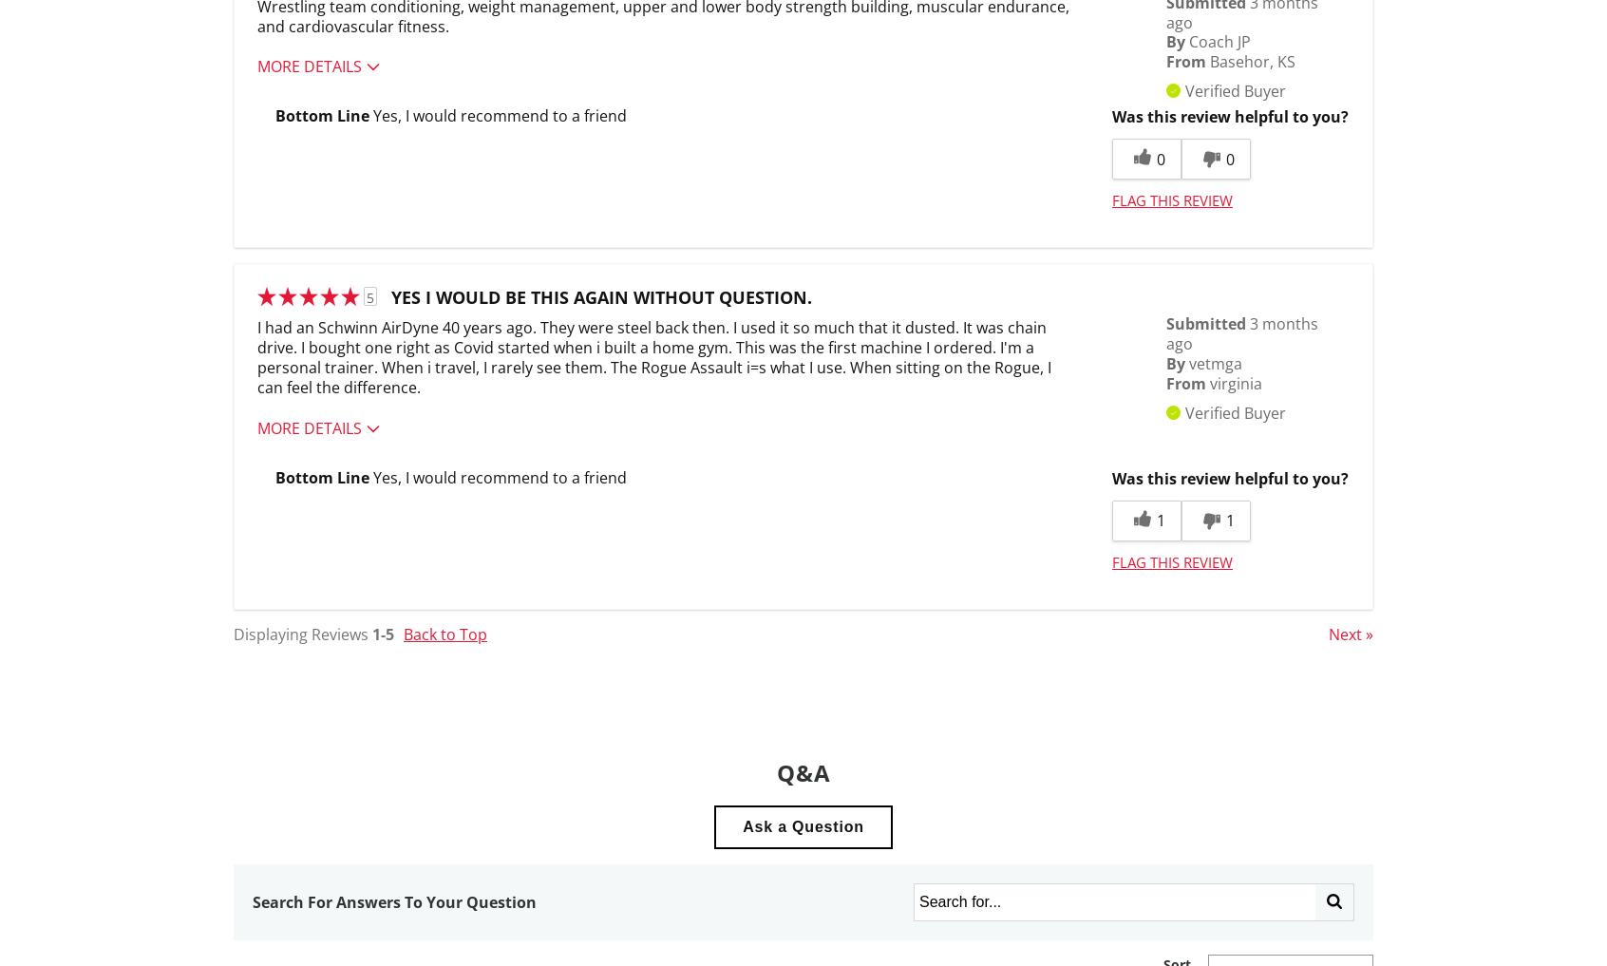 The image size is (1607, 966). I want to click on 'vetmga', so click(1214, 361).